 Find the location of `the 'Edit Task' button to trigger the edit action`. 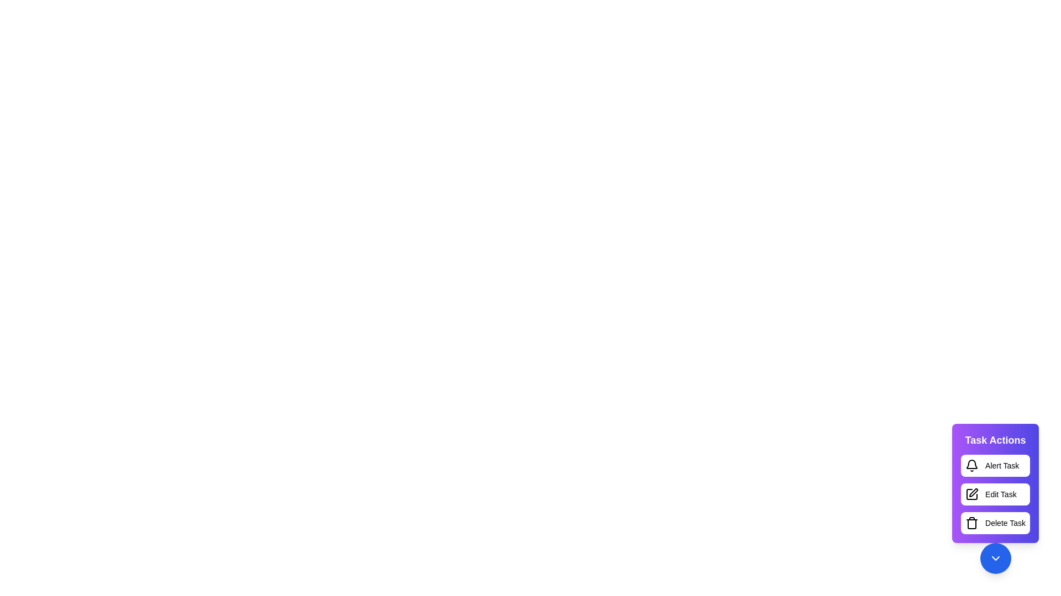

the 'Edit Task' button to trigger the edit action is located at coordinates (995, 493).